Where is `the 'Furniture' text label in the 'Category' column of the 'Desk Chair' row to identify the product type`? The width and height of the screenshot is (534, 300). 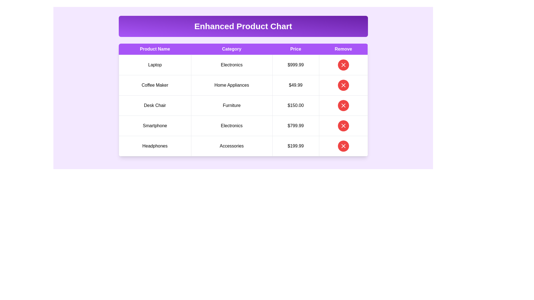
the 'Furniture' text label in the 'Category' column of the 'Desk Chair' row to identify the product type is located at coordinates (232, 106).